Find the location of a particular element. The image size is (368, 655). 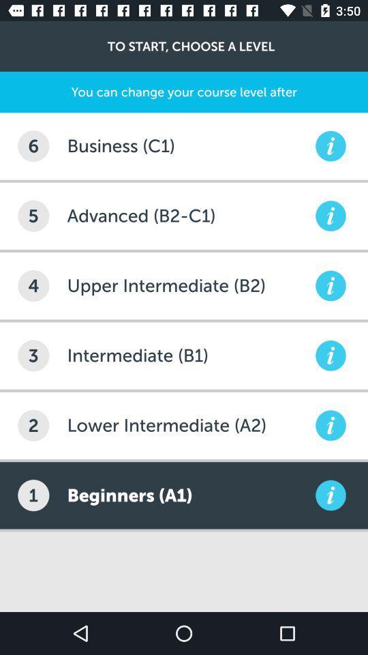

5 icon is located at coordinates (33, 216).